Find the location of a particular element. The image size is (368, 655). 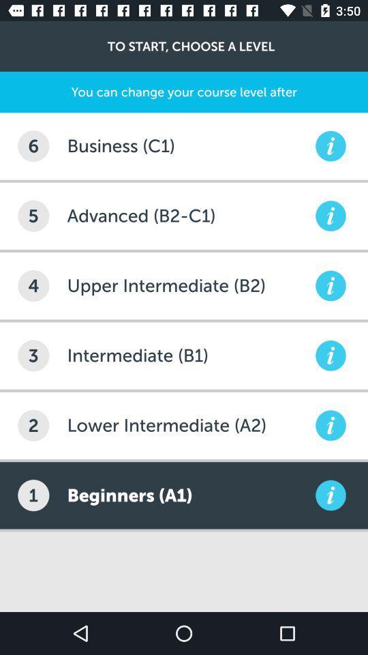

5 icon is located at coordinates (33, 216).